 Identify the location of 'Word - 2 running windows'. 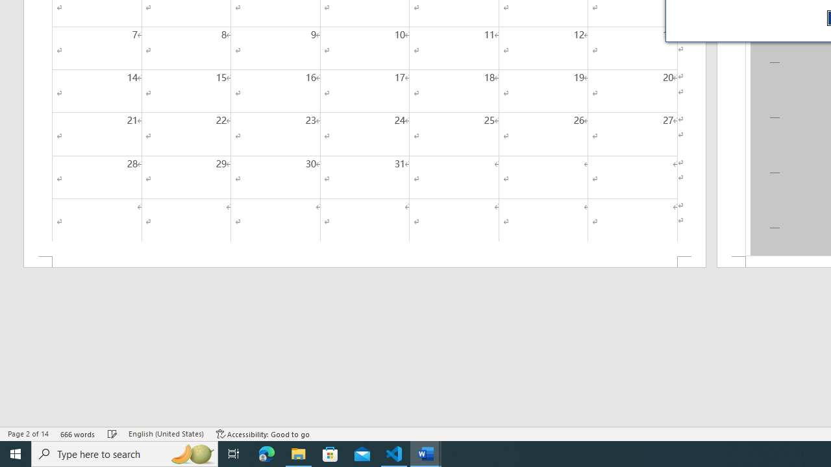
(426, 453).